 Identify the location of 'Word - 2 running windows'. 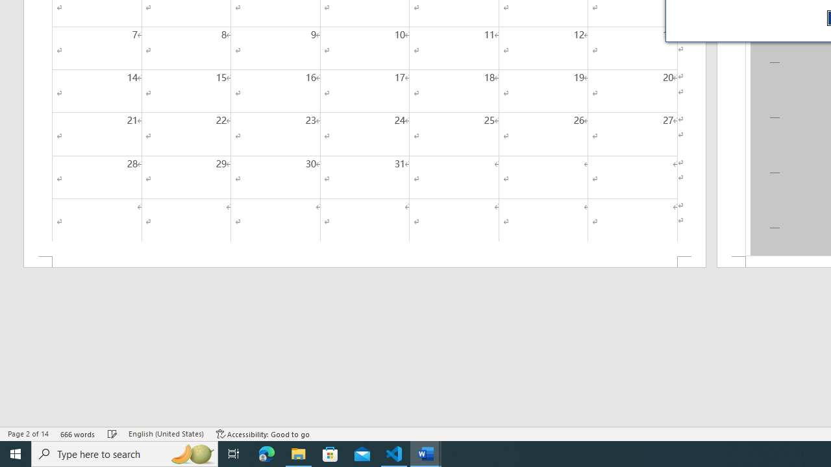
(426, 453).